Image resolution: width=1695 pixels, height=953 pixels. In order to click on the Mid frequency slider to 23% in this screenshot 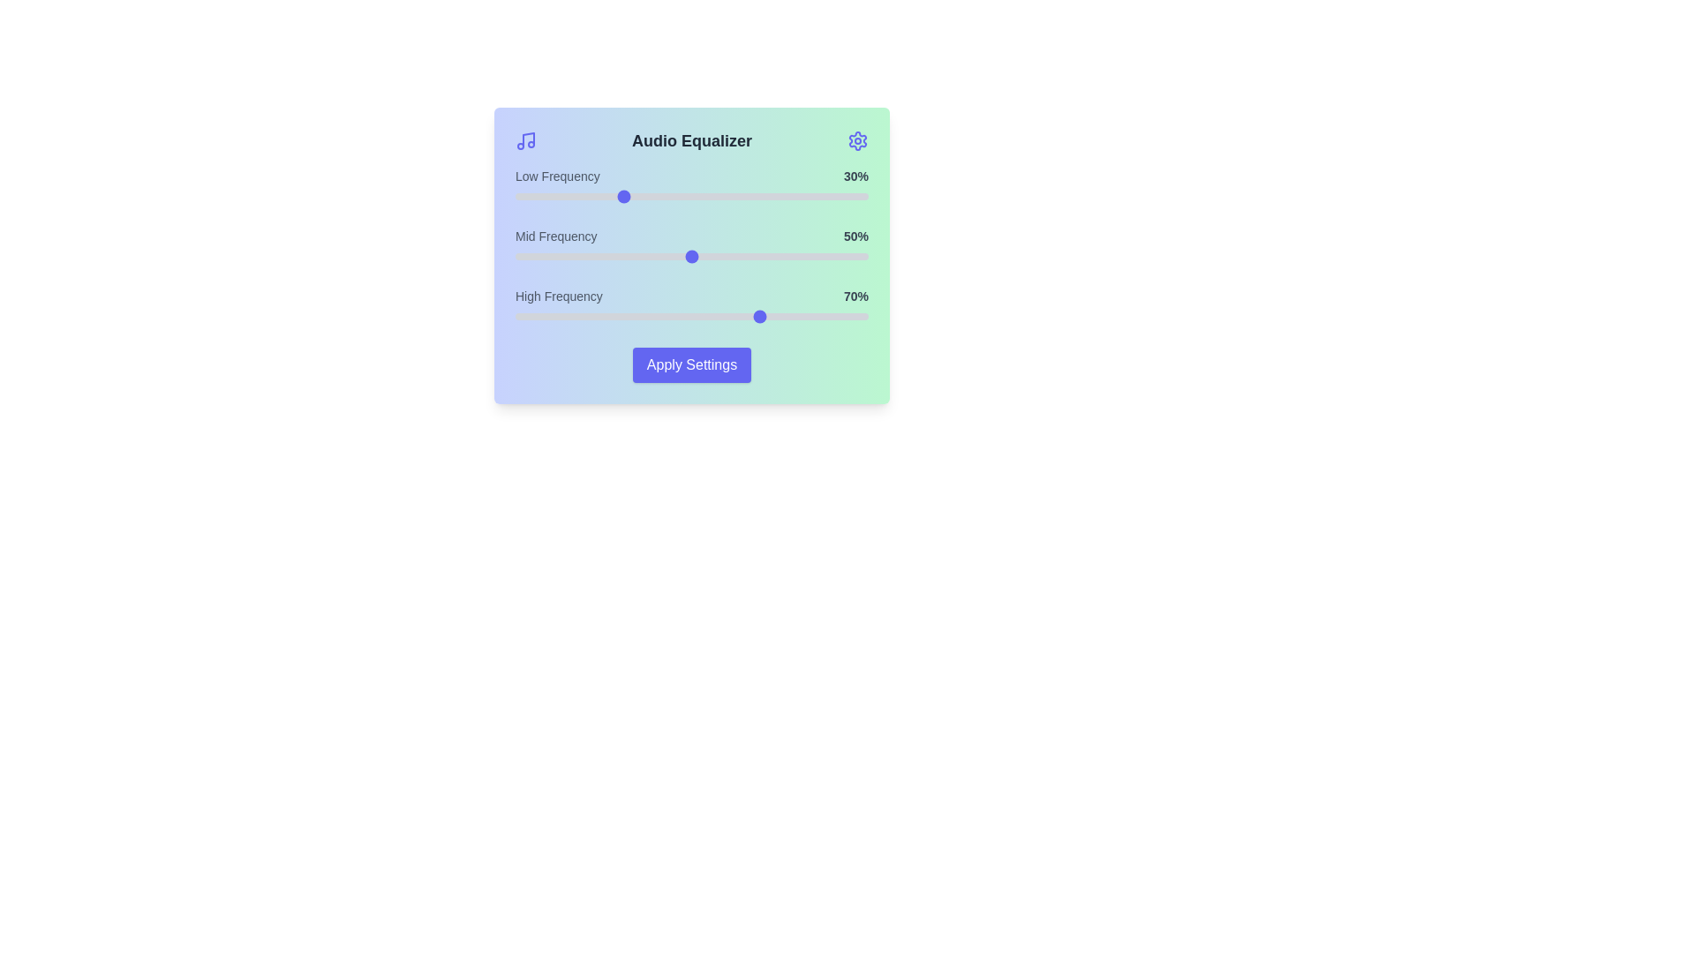, I will do `click(597, 256)`.